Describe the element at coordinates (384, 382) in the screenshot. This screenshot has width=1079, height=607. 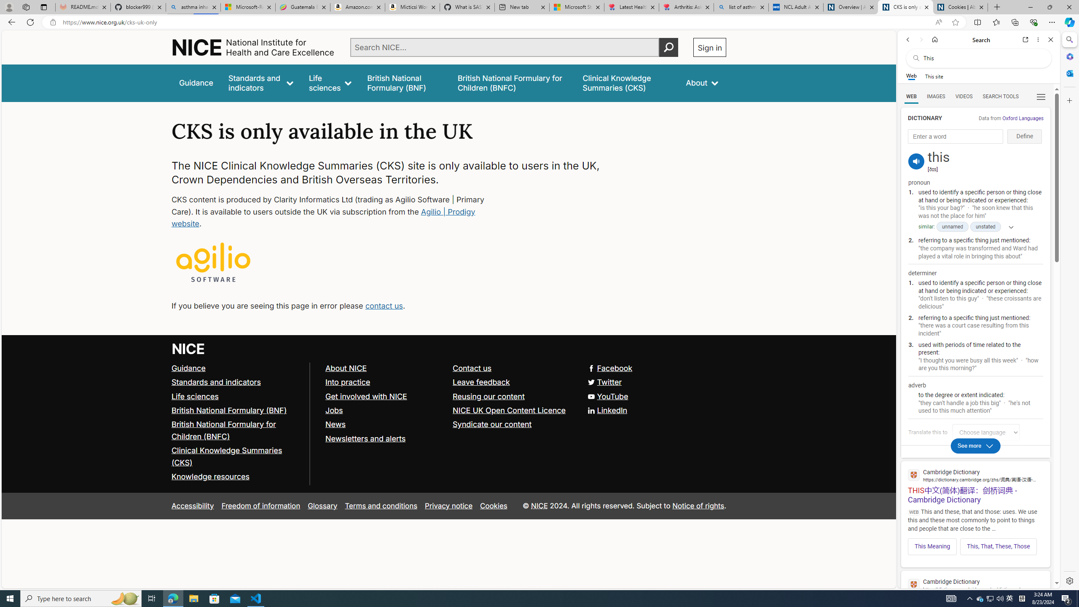
I see `'Into practice'` at that location.